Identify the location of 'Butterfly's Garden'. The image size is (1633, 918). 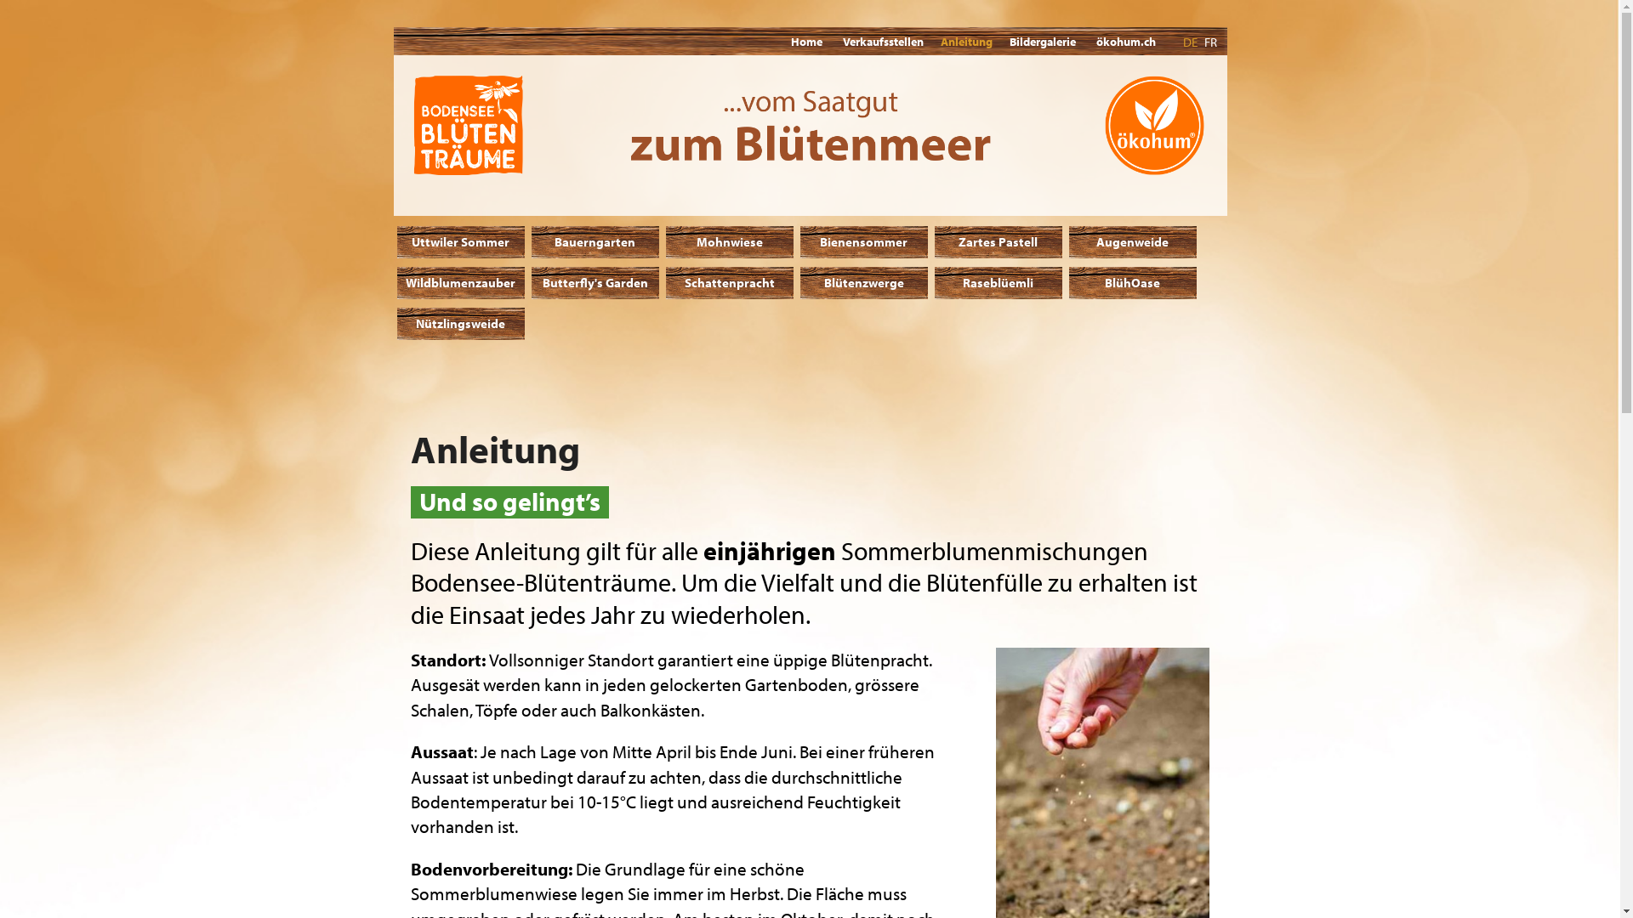
(595, 281).